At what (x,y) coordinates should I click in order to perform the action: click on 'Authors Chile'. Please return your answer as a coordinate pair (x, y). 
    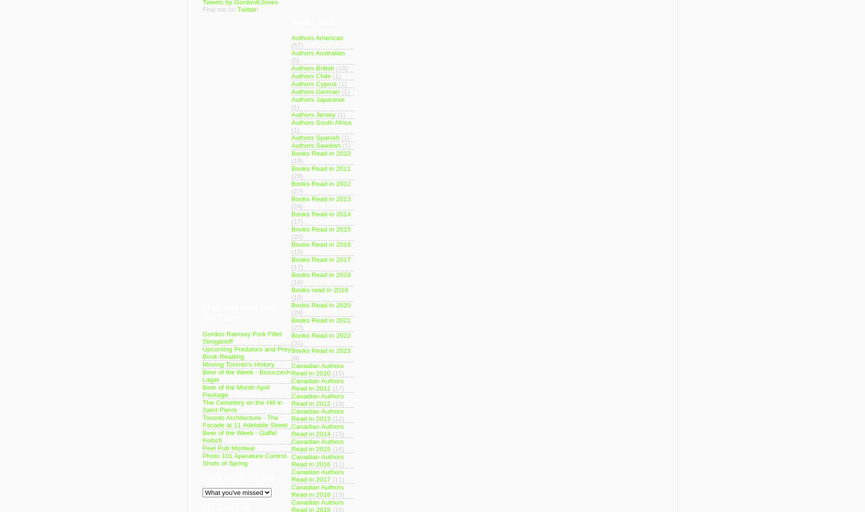
    Looking at the image, I should click on (310, 75).